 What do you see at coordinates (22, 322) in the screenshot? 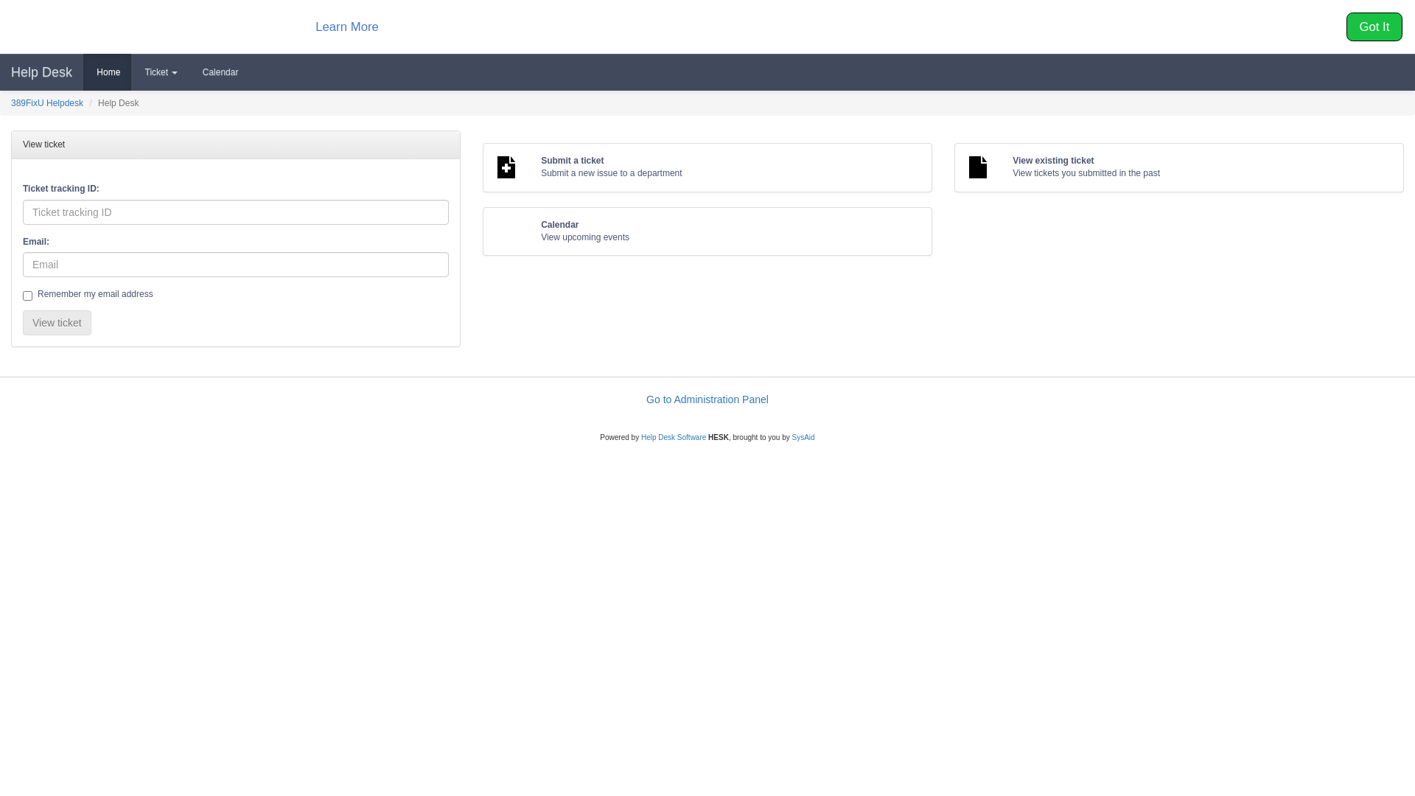
I see `'View ticket'` at bounding box center [22, 322].